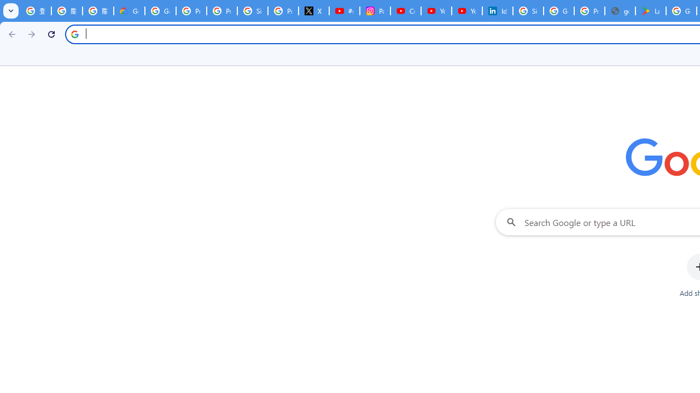 This screenshot has width=700, height=393. Describe the element at coordinates (466, 11) in the screenshot. I see `'YouTube Culture & Trends - YouTube Top 10, 2021'` at that location.